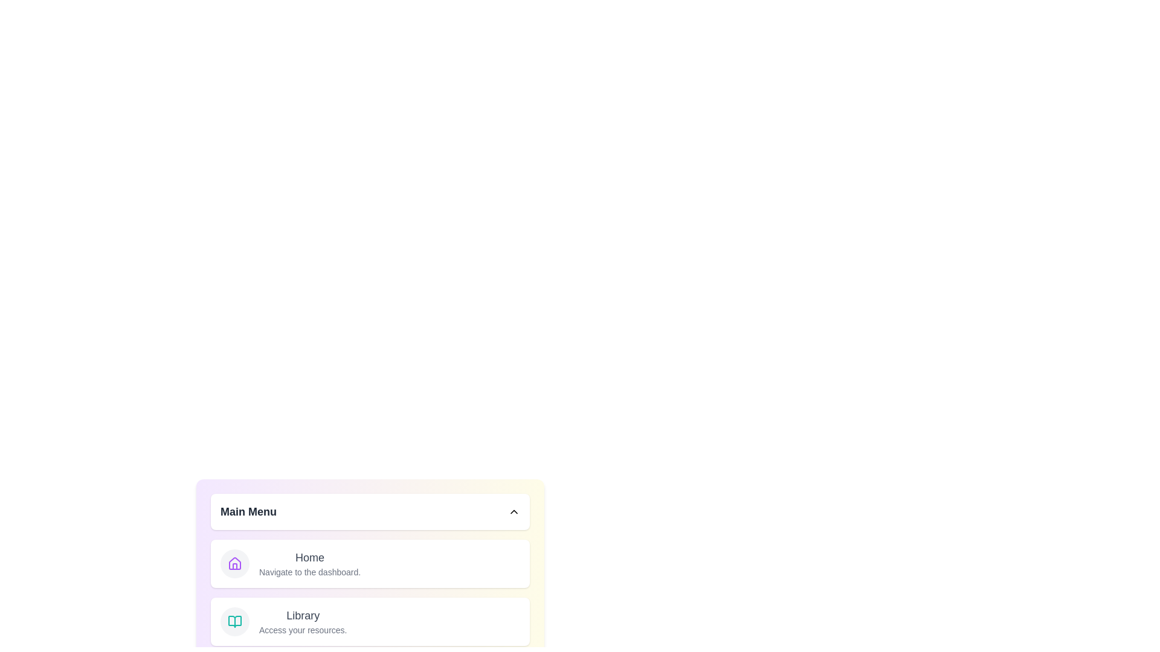 This screenshot has width=1160, height=652. What do you see at coordinates (370, 512) in the screenshot?
I see `the 'Main Menu' button to toggle the menu visibility` at bounding box center [370, 512].